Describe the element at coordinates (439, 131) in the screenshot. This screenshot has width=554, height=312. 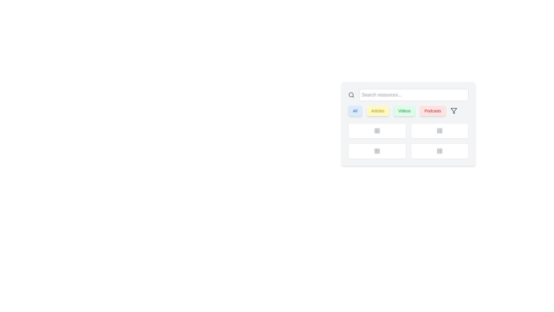
I see `the top-left square of a grid icon, which is part of a control panel and styled with rounded corners` at that location.